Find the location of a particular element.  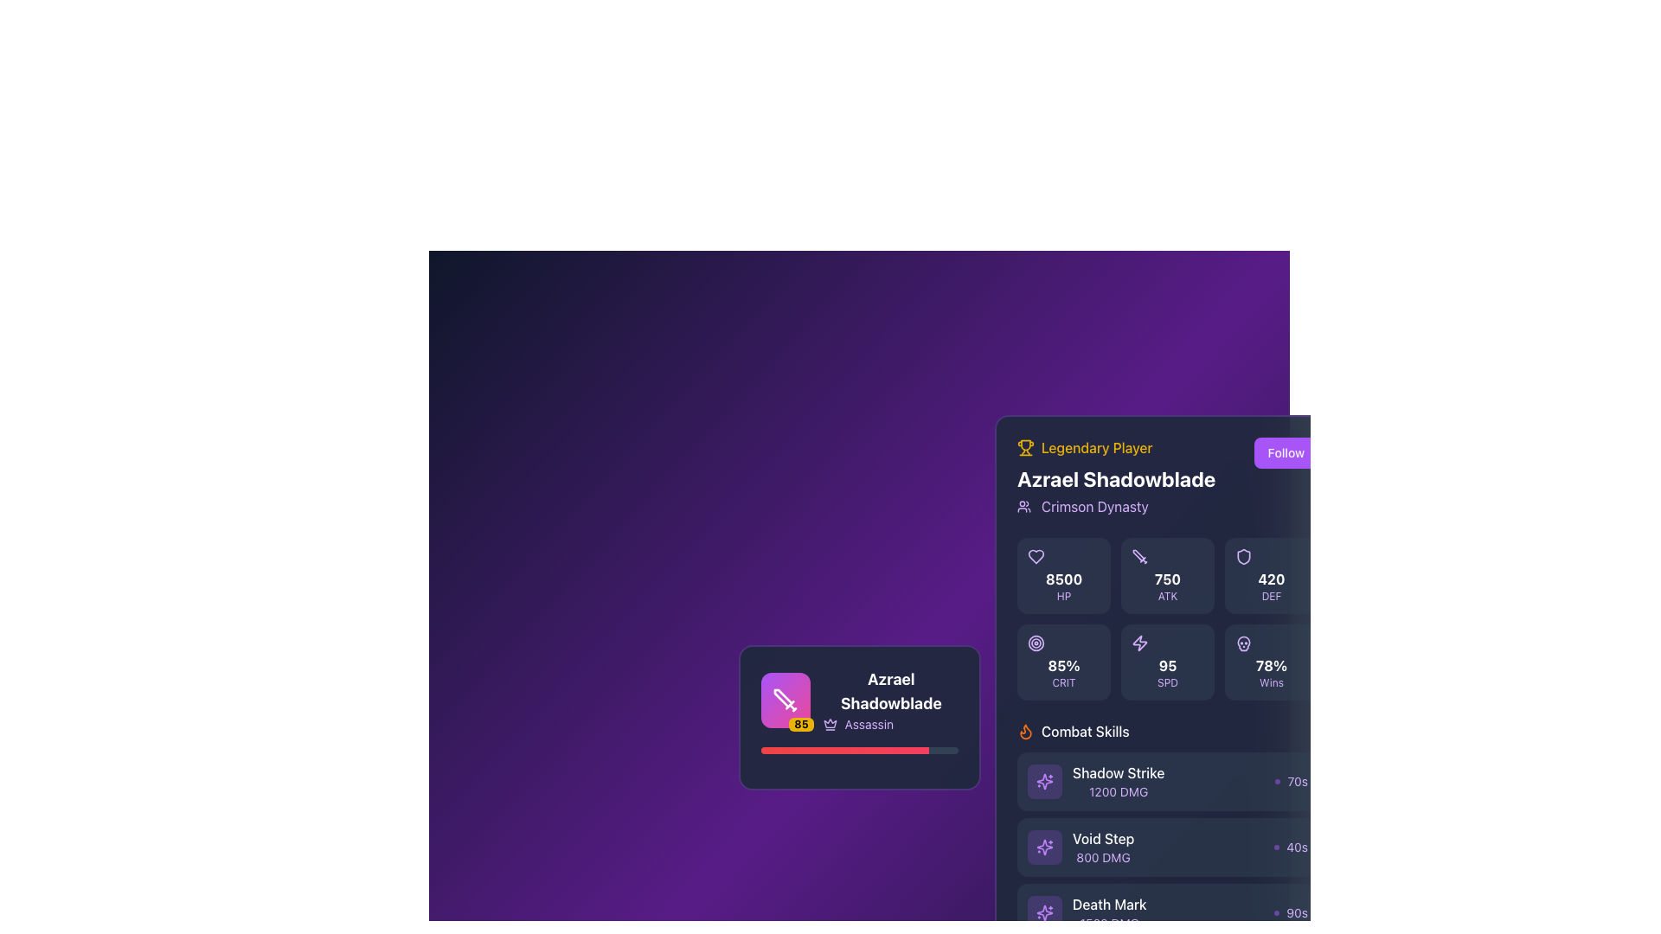

the informational label displaying the skill 'Void Step' with the damage value '800 DMG' is located at coordinates (1080, 846).